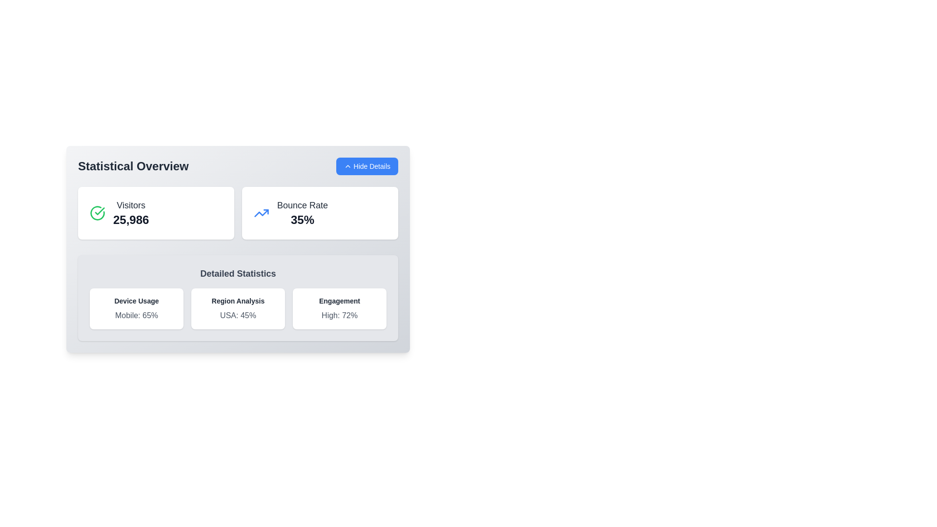 This screenshot has width=937, height=527. What do you see at coordinates (302, 204) in the screenshot?
I see `the 'Bounce Rate' text label, which is a medium-sized bold gray font located in the top-right section of the statistics overview card layout` at bounding box center [302, 204].